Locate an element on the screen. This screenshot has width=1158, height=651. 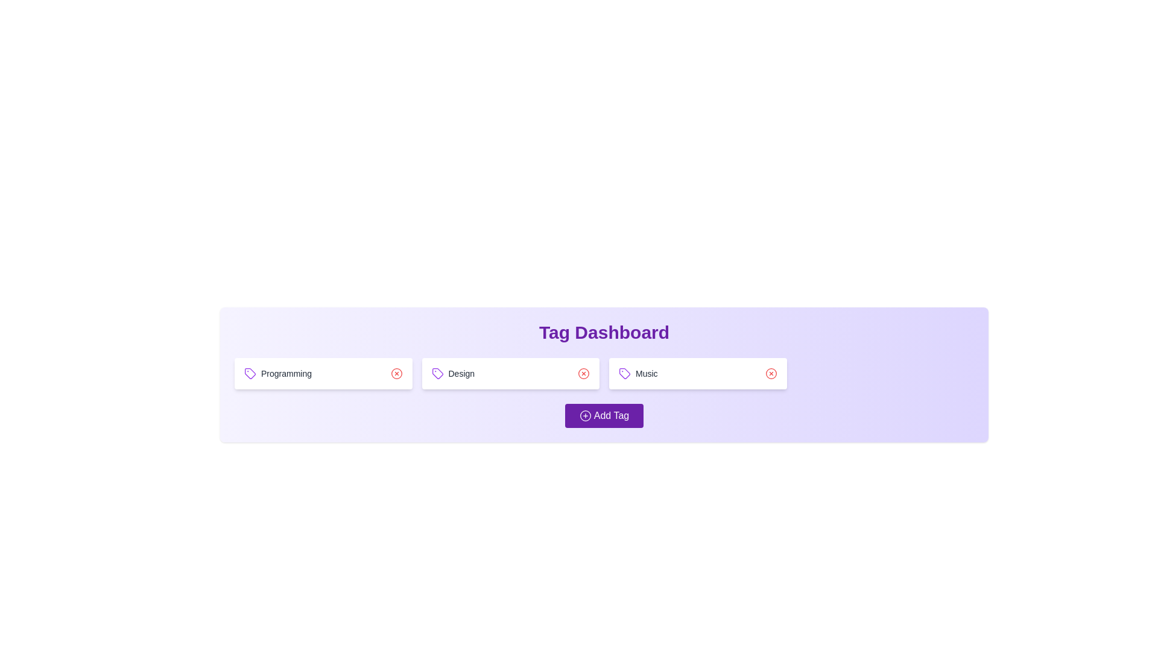
the circular delete button with a cross icon located within the 'Design' tag is located at coordinates (584, 373).